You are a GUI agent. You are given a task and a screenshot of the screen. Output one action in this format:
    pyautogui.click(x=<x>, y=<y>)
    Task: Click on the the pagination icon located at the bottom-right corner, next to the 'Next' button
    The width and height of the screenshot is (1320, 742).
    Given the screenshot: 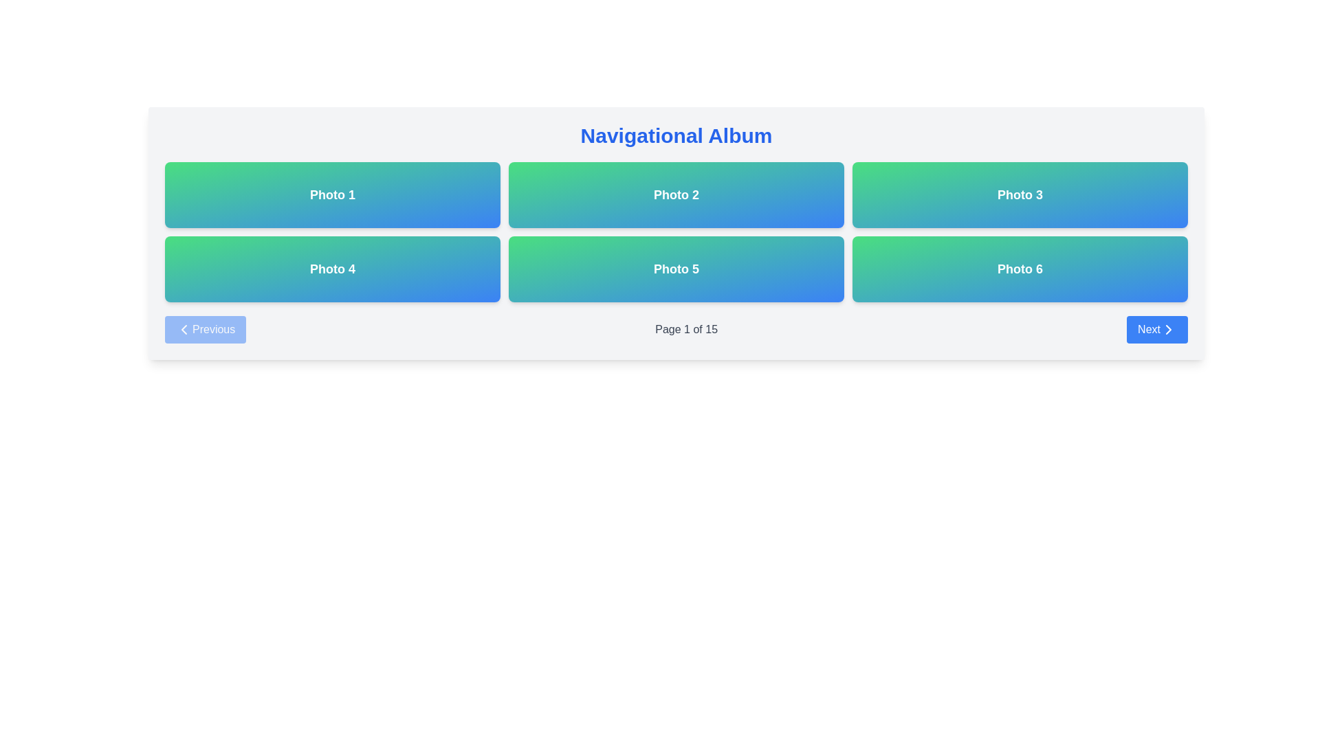 What is the action you would take?
    pyautogui.click(x=1167, y=329)
    